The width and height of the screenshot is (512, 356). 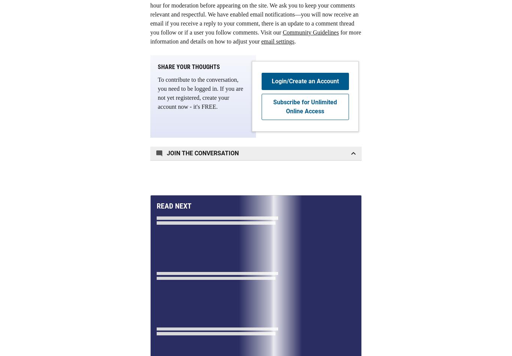 I want to click on 'Read Next', so click(x=156, y=205).